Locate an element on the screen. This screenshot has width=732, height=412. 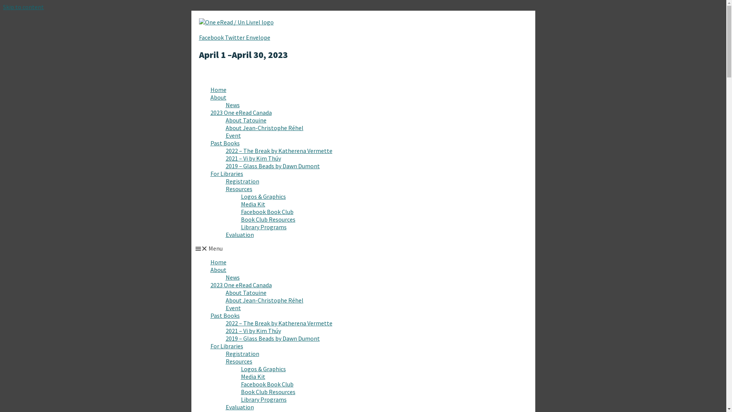
'Facebook' is located at coordinates (212, 37).